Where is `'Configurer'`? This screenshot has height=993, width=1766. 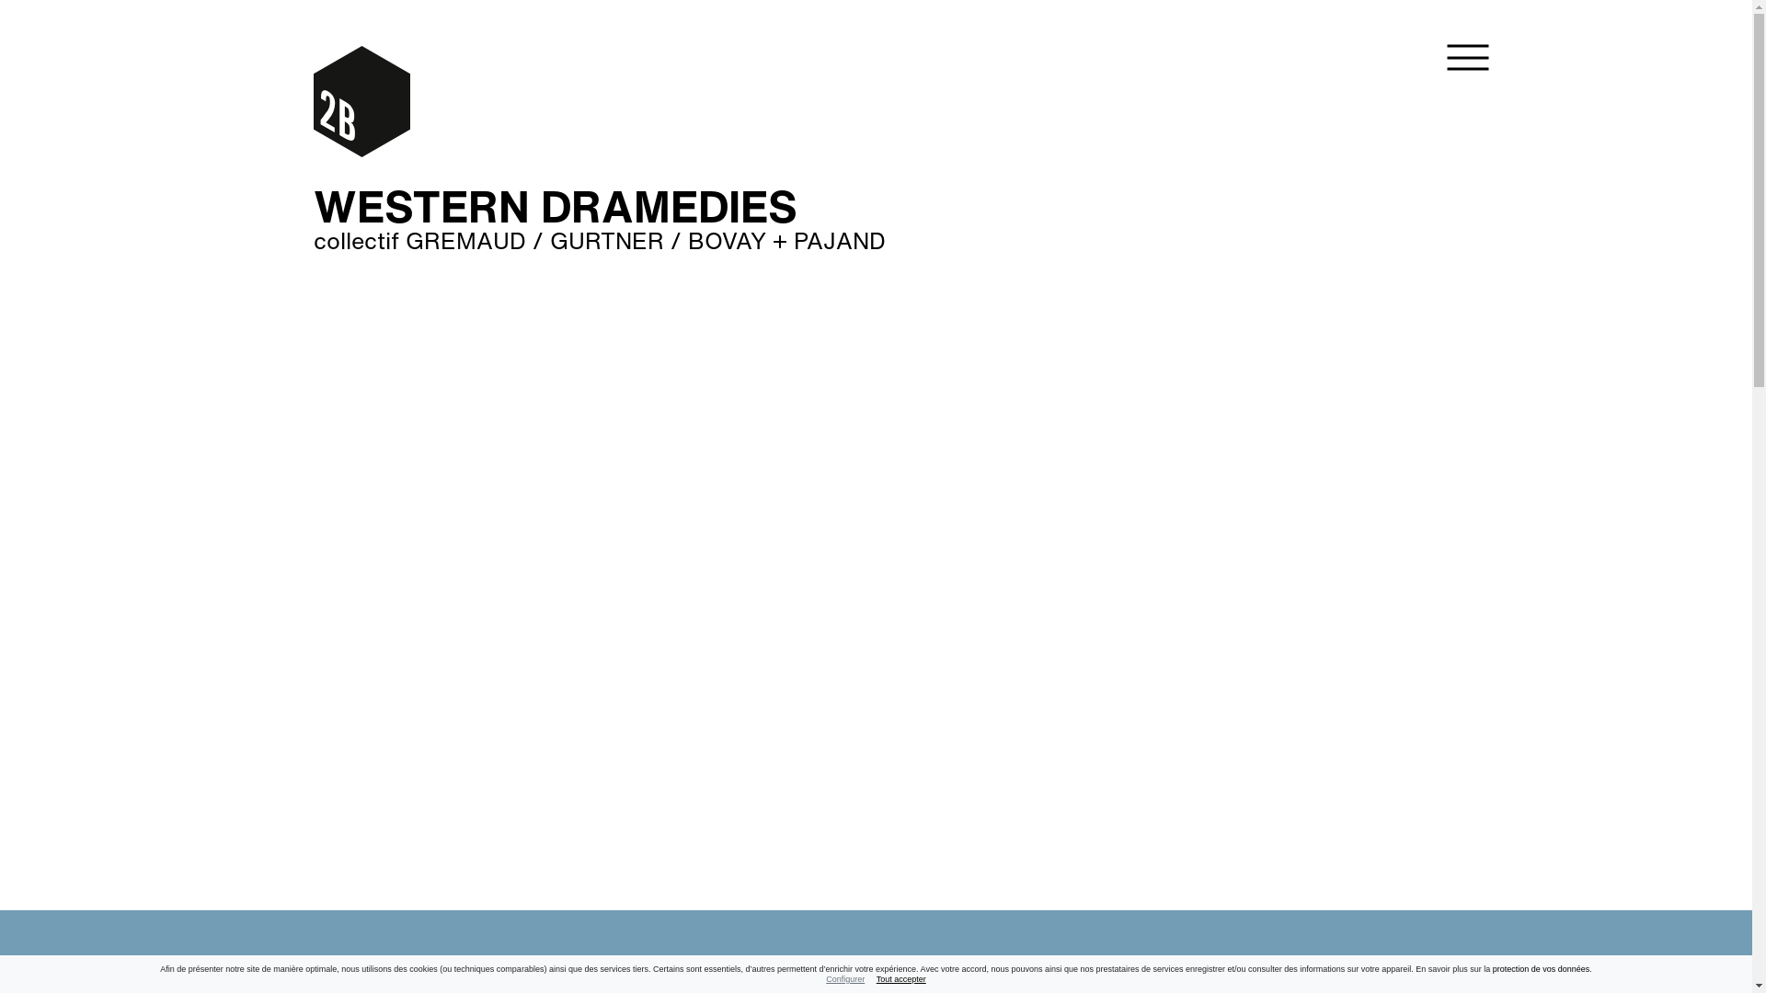
'Configurer' is located at coordinates (824, 977).